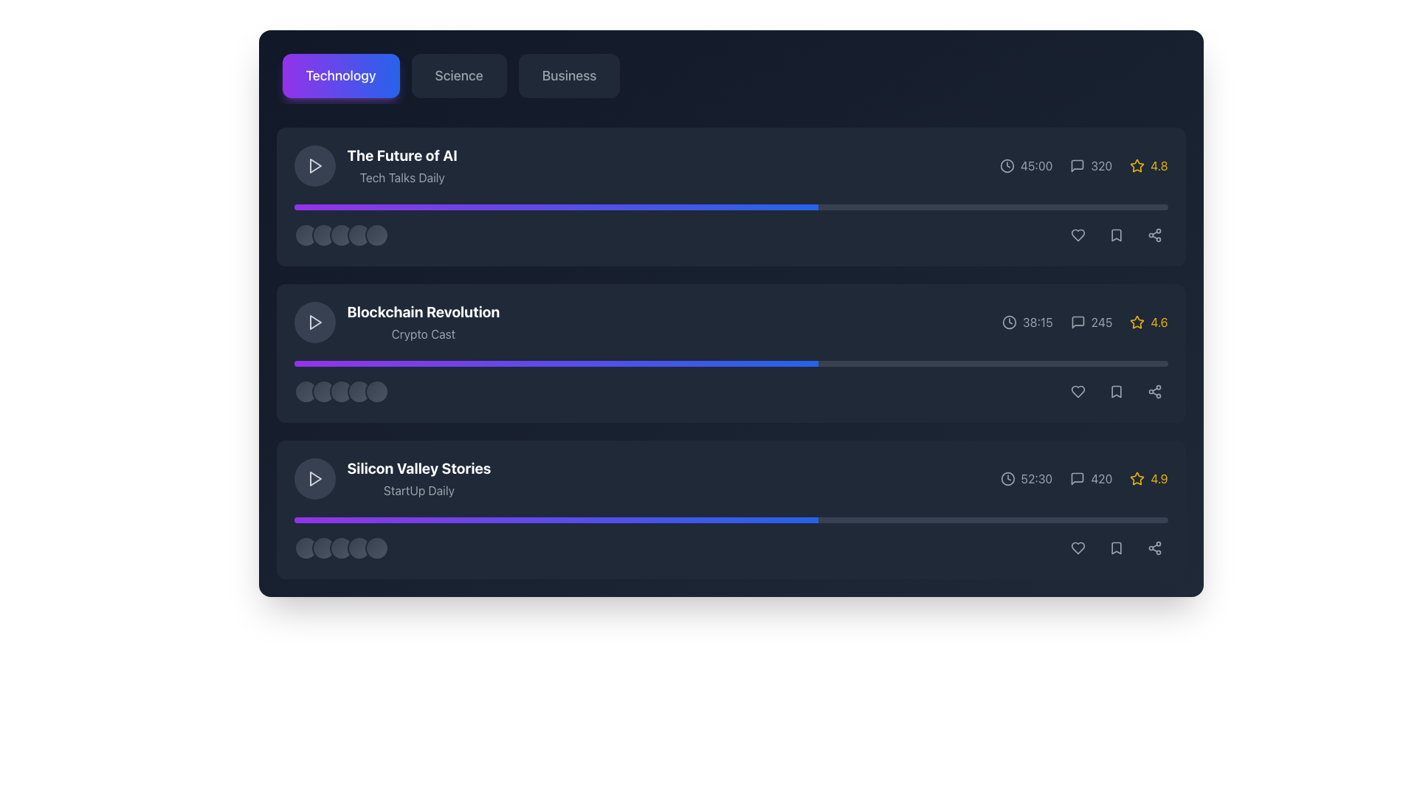  What do you see at coordinates (314, 478) in the screenshot?
I see `the 'play' icon located within the 'Silicon Valley Stories' card` at bounding box center [314, 478].